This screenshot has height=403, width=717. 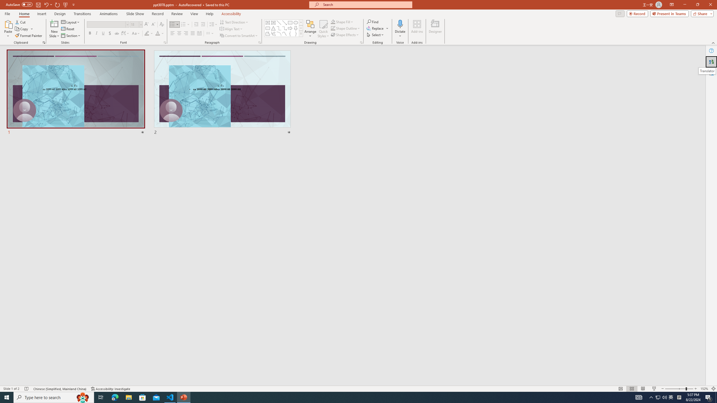 What do you see at coordinates (278, 22) in the screenshot?
I see `'Line'` at bounding box center [278, 22].